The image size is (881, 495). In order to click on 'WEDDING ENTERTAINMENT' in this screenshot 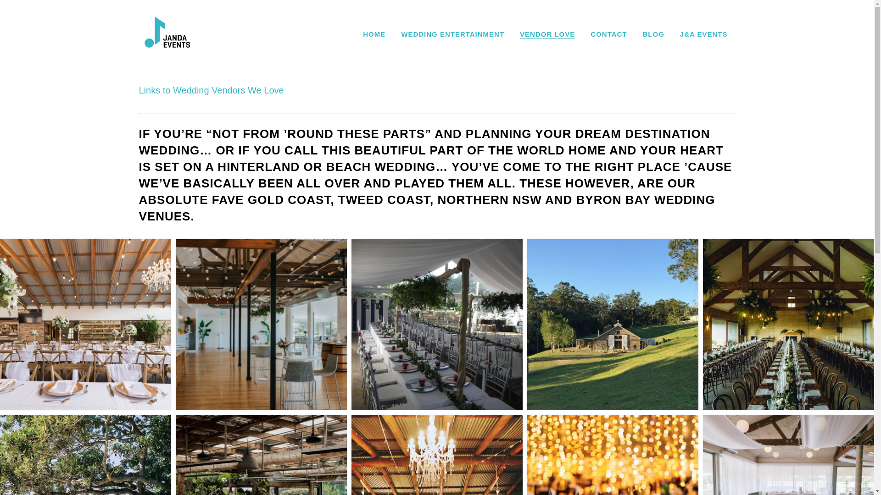, I will do `click(393, 33)`.